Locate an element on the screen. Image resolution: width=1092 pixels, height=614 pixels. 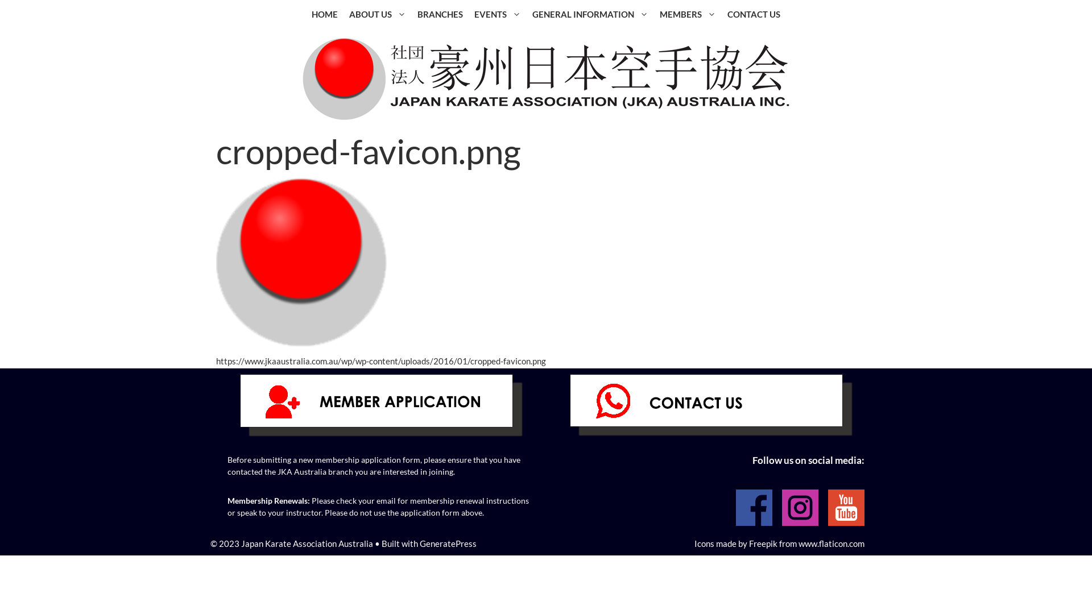
'HOME' is located at coordinates (305, 14).